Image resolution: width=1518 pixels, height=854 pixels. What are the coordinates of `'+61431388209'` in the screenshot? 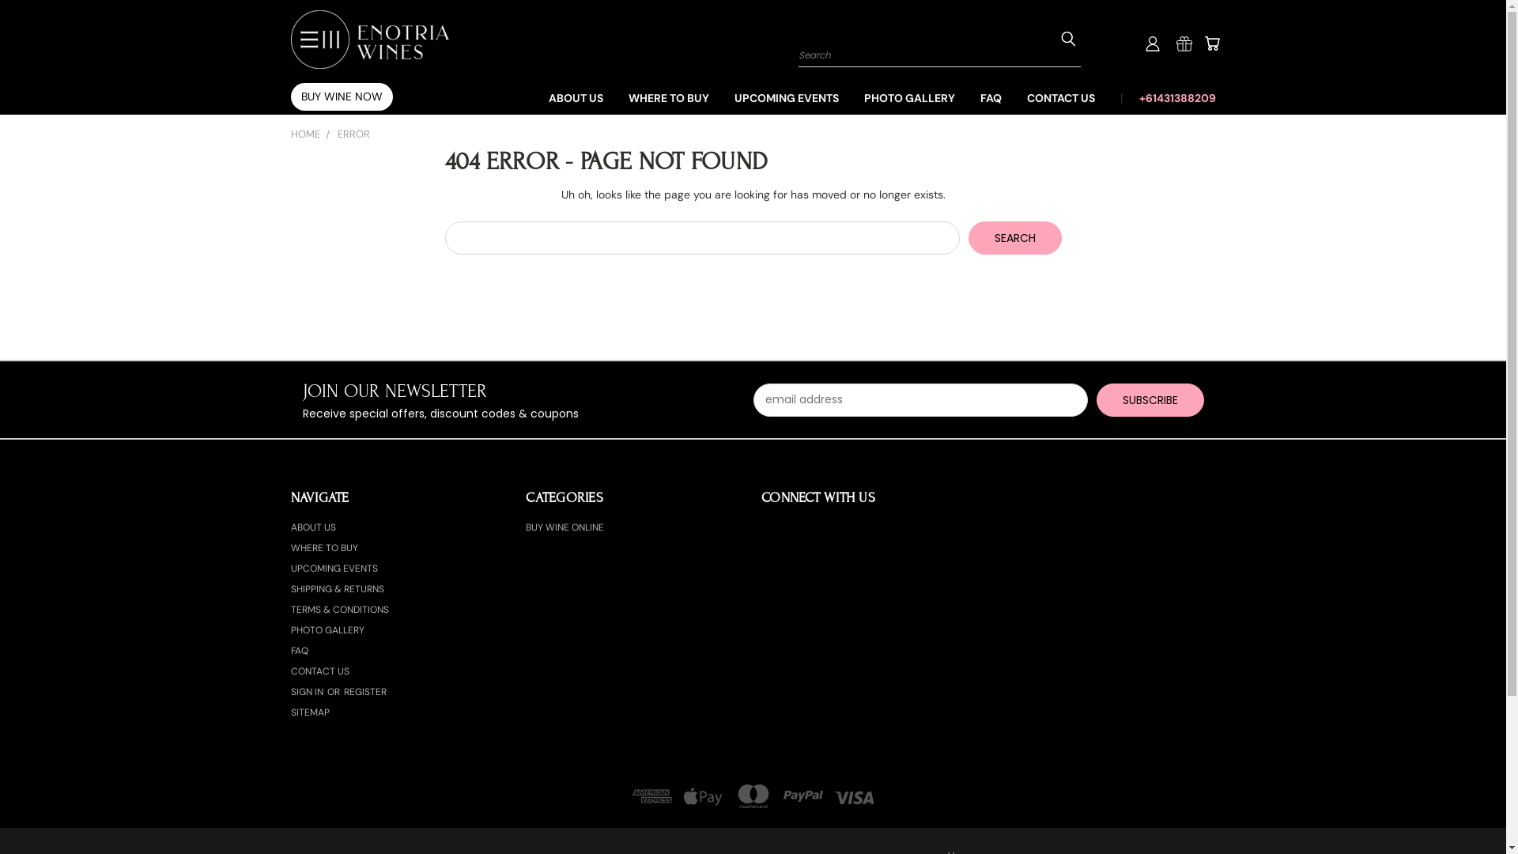 It's located at (1170, 96).